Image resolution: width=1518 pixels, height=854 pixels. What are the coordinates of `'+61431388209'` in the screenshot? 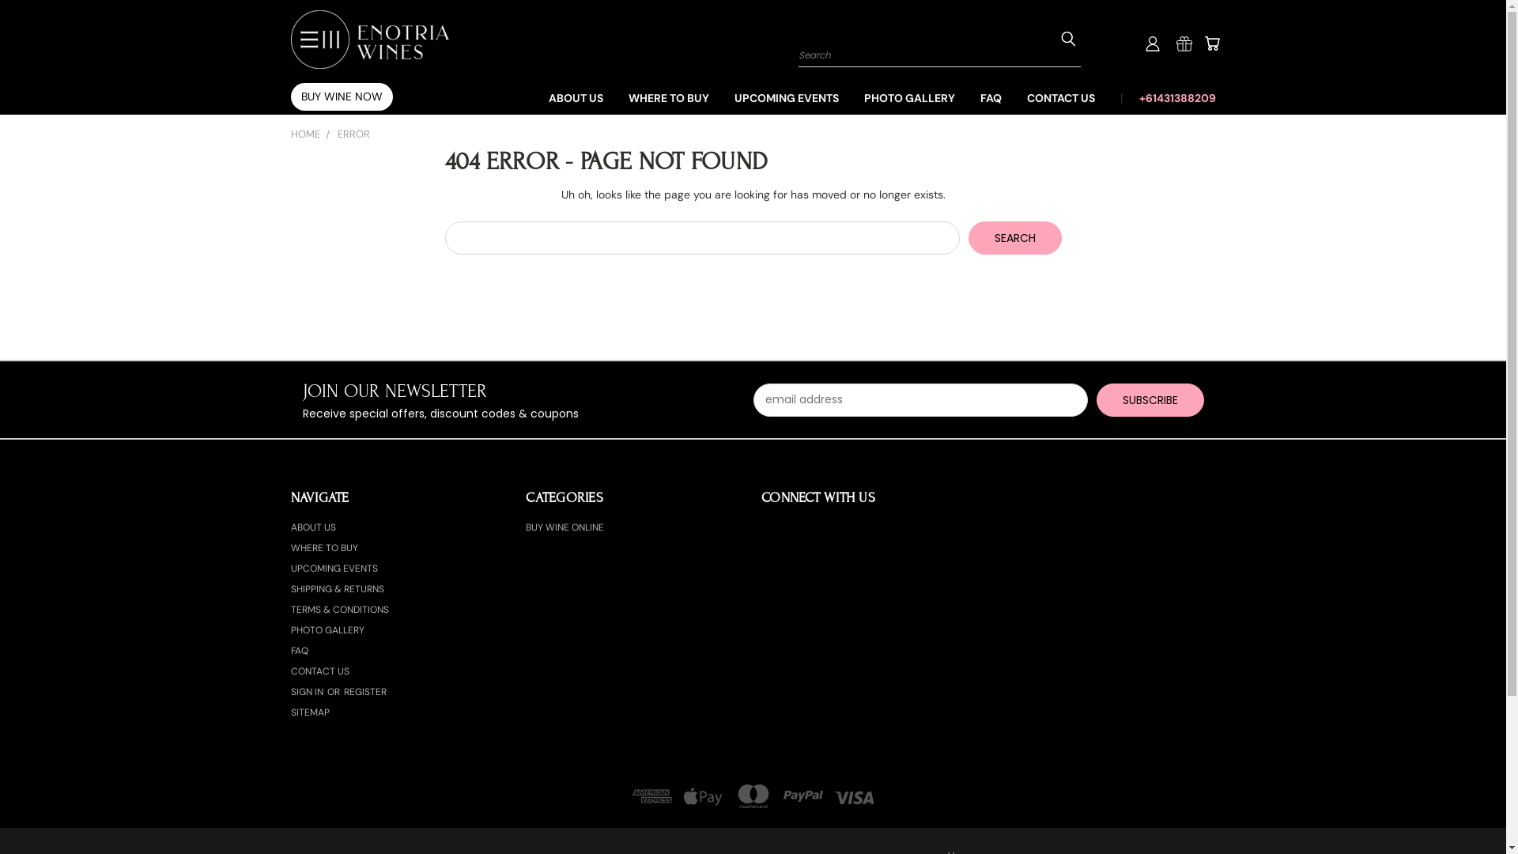 It's located at (1170, 96).